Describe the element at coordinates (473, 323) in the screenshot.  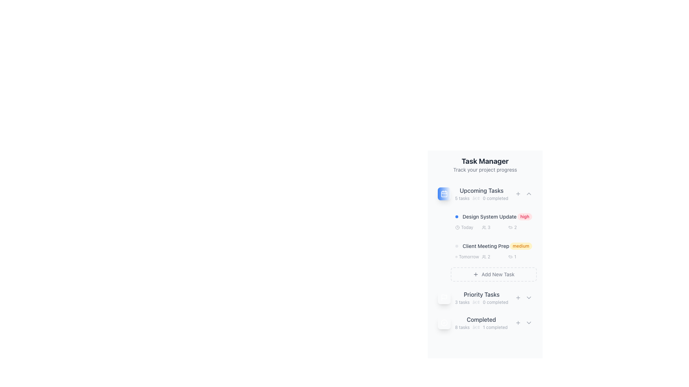
I see `the checkmark icon in the 'Completed' section header of the Task Manager interface to mark the tasks as reviewed` at that location.